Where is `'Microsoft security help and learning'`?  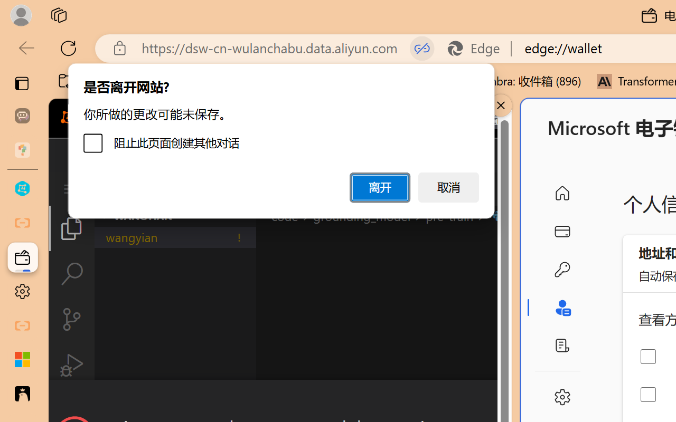
'Microsoft security help and learning' is located at coordinates (22, 360).